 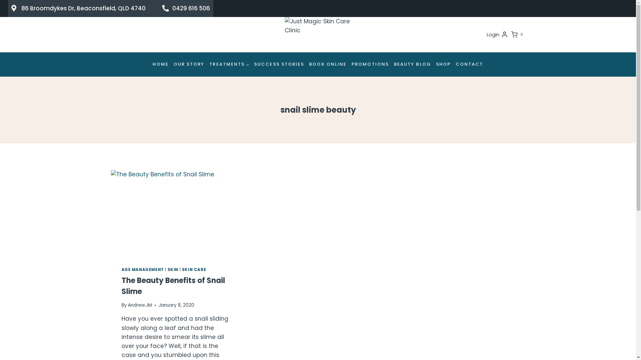 What do you see at coordinates (193, 269) in the screenshot?
I see `'SKIN CARE'` at bounding box center [193, 269].